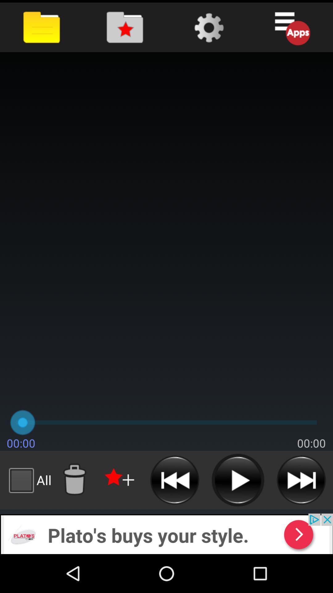 This screenshot has height=593, width=333. I want to click on song, so click(237, 480).